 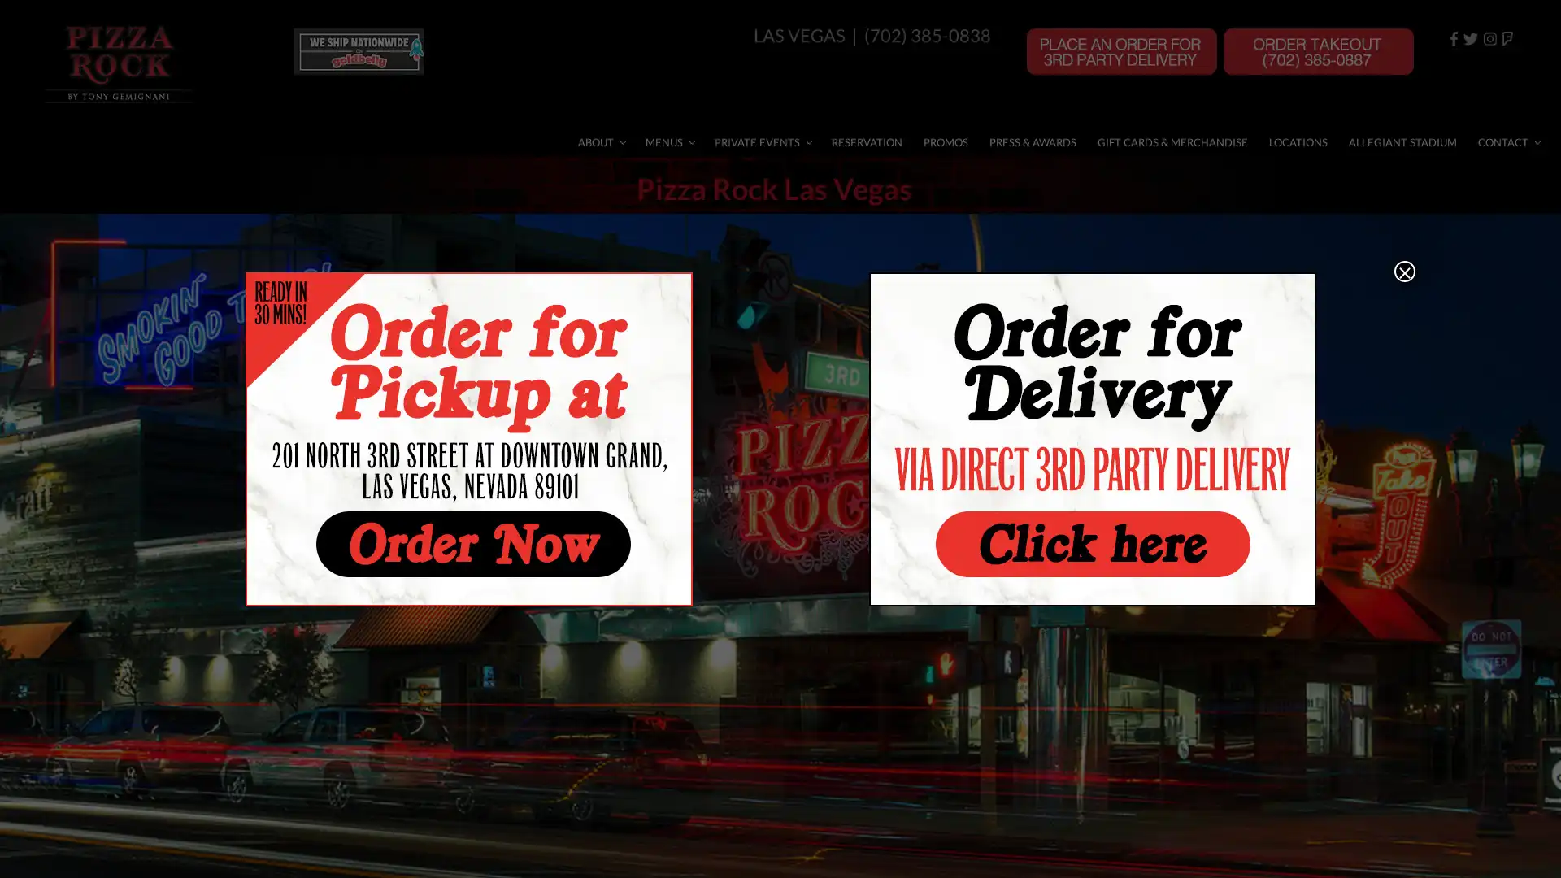 I want to click on Close, so click(x=1404, y=269).